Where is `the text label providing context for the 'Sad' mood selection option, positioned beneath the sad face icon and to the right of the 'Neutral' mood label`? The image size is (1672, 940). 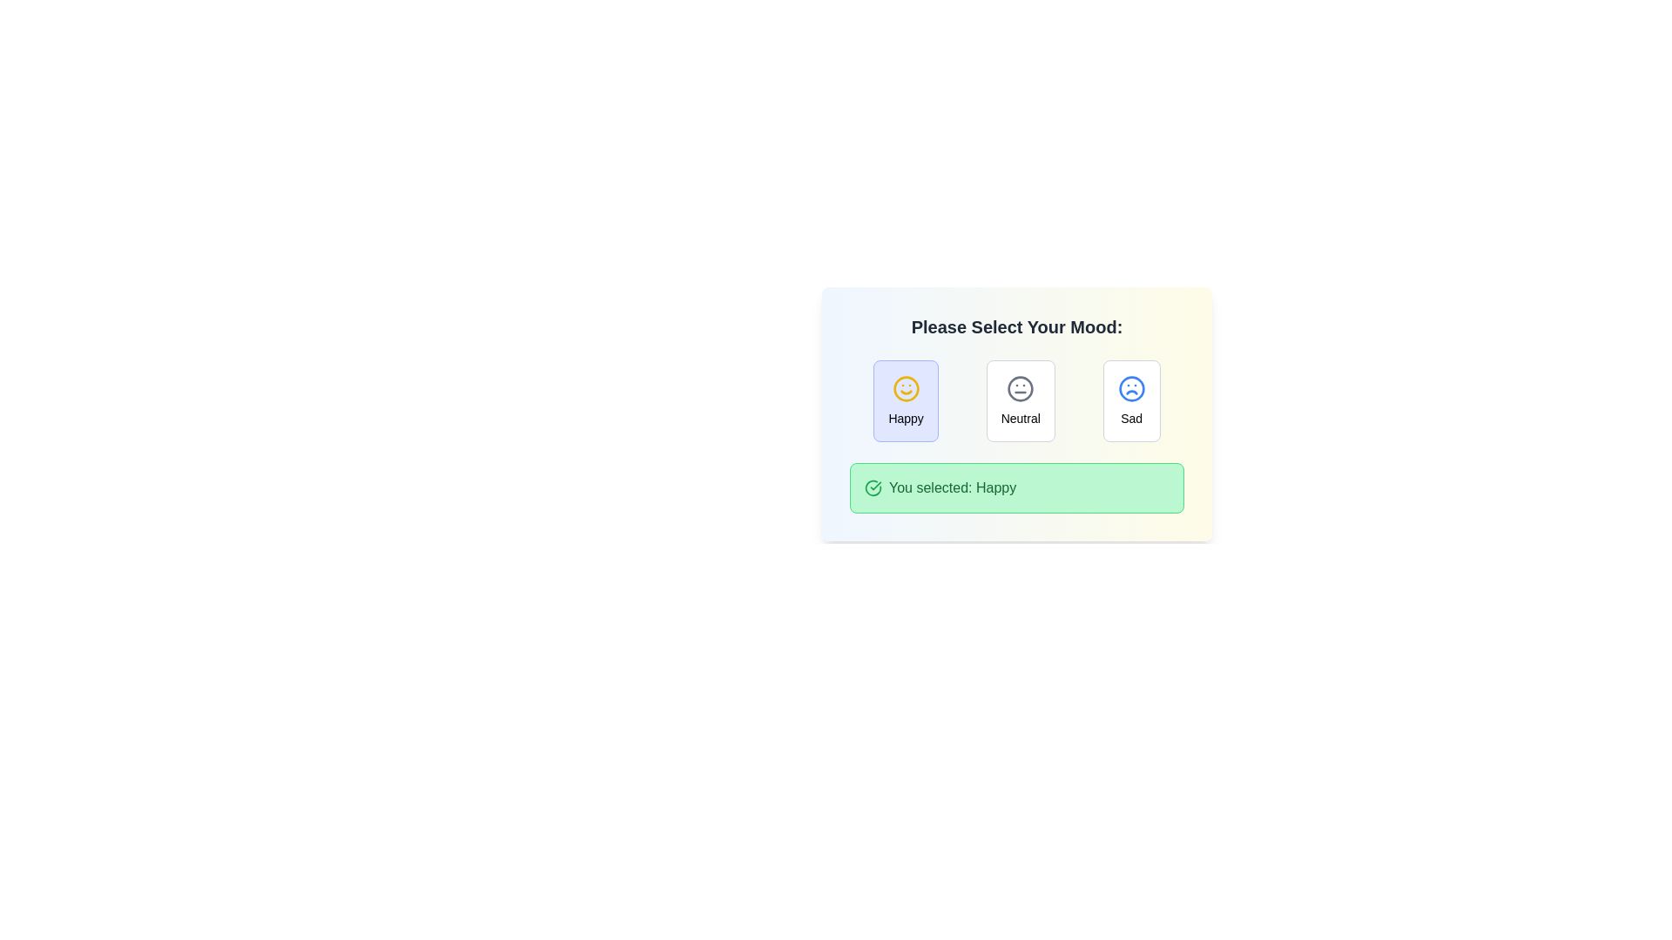
the text label providing context for the 'Sad' mood selection option, positioned beneath the sad face icon and to the right of the 'Neutral' mood label is located at coordinates (1131, 419).